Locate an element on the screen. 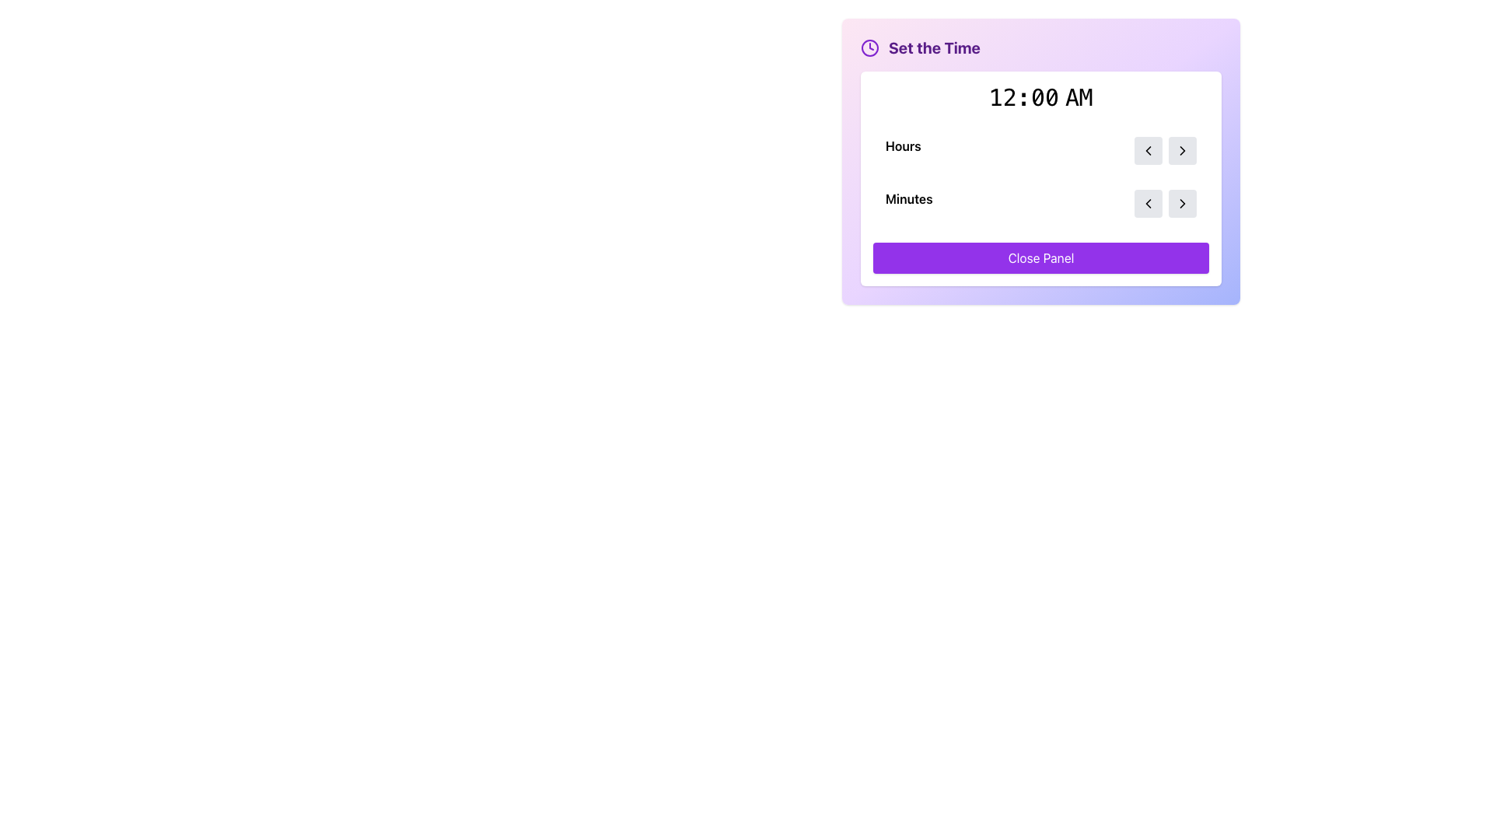  the purple clock icon located in the header section of the 'Set the Time' panel, which is positioned at the leftmost position and visually distinct due to its color and styling is located at coordinates (869, 47).